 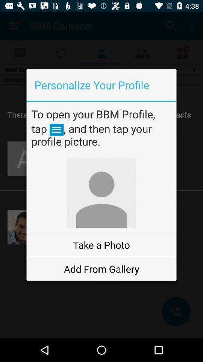 I want to click on add from gallery, so click(x=101, y=269).